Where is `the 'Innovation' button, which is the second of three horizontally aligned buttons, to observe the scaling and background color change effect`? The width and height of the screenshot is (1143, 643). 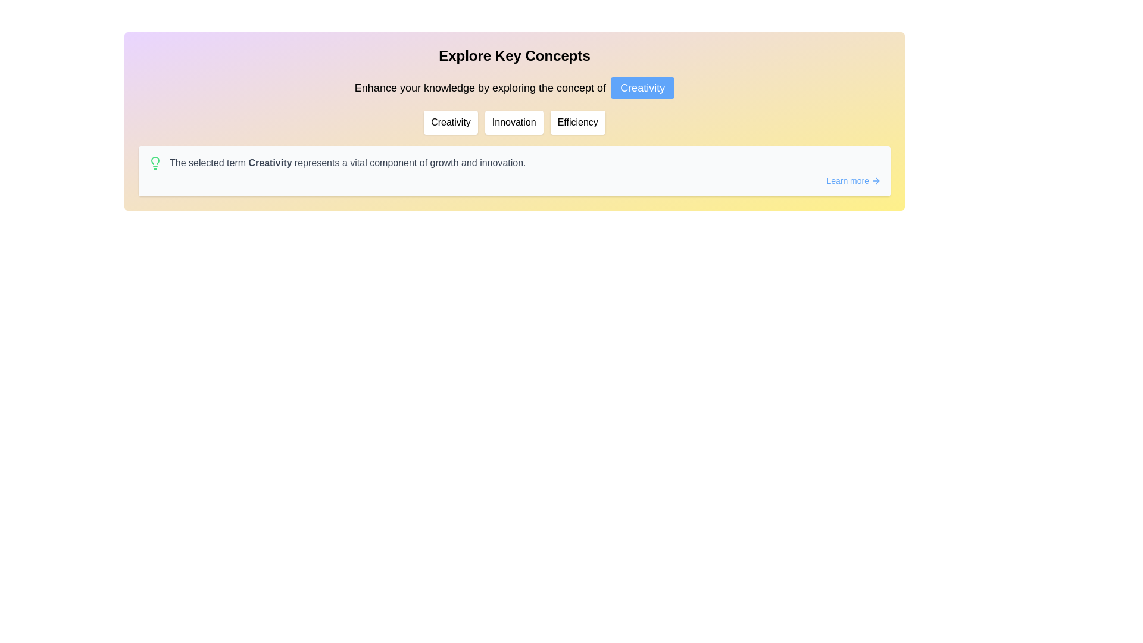 the 'Innovation' button, which is the second of three horizontally aligned buttons, to observe the scaling and background color change effect is located at coordinates (514, 122).